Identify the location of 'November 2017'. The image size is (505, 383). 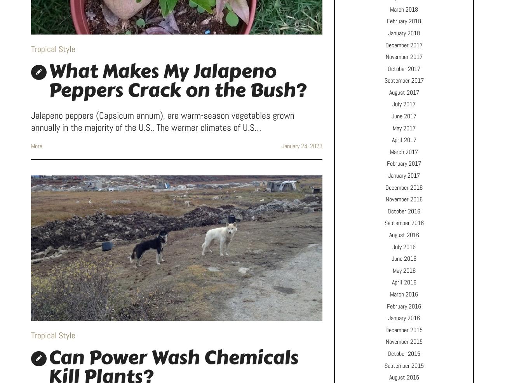
(404, 56).